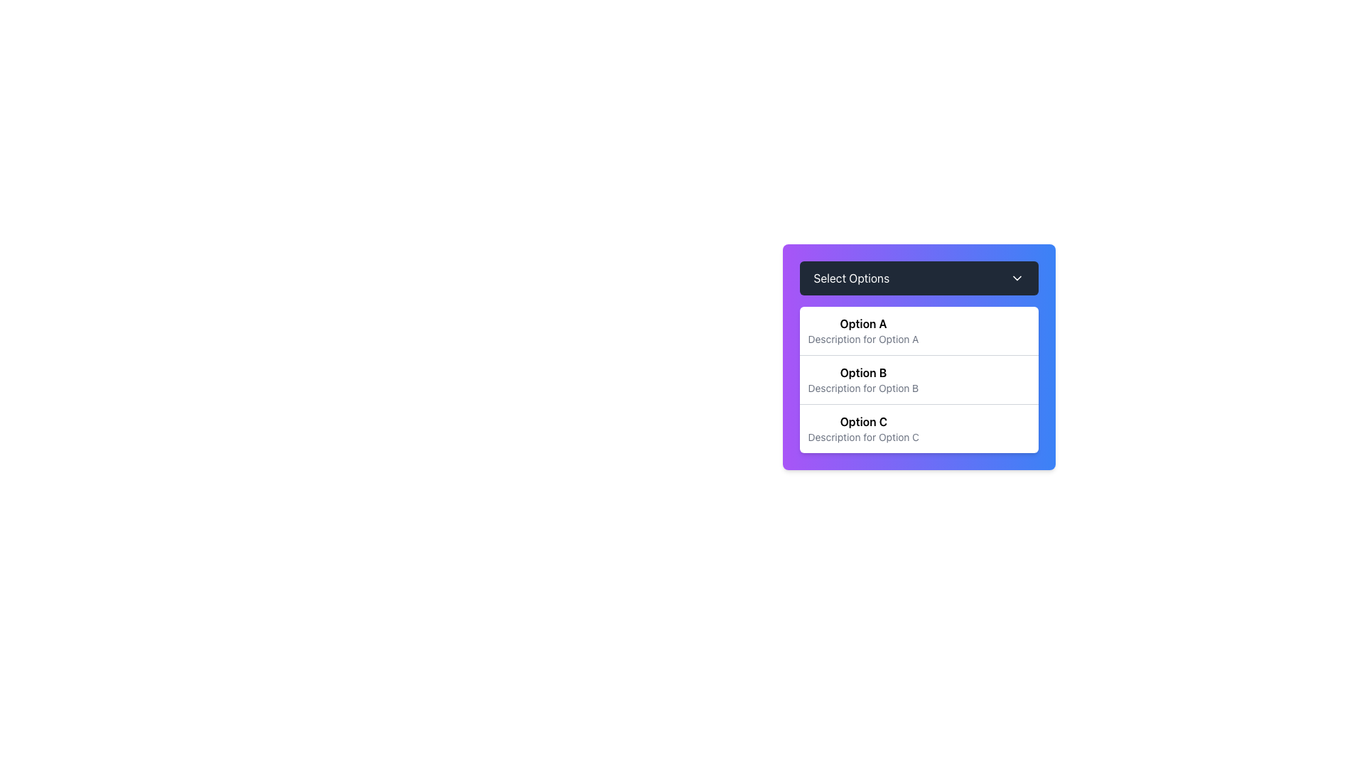 This screenshot has width=1364, height=767. I want to click on the interactive list item labeled 'Option C', so click(862, 428).